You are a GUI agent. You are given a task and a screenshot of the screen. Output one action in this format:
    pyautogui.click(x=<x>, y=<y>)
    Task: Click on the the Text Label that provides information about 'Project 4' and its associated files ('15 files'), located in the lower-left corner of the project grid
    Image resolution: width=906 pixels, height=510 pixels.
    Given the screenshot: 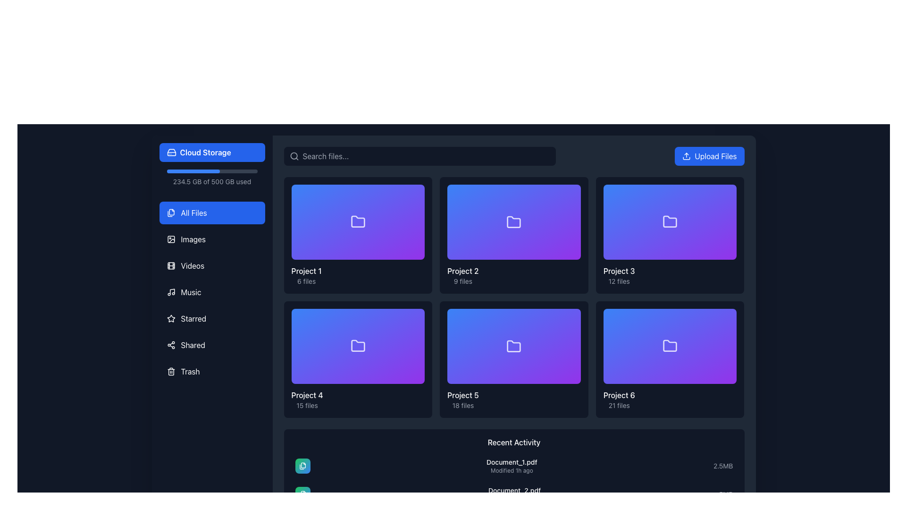 What is the action you would take?
    pyautogui.click(x=307, y=399)
    